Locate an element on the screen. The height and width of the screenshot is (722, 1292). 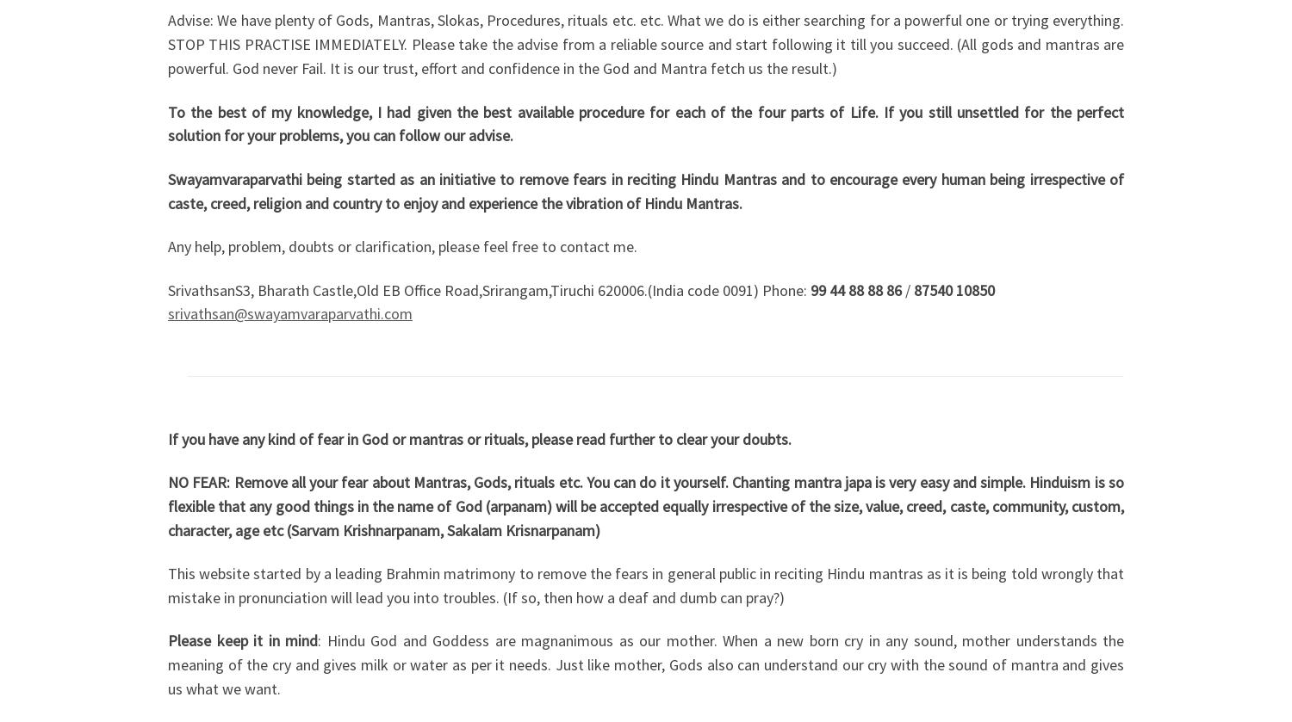
'Any help, problem, doubts or clarification, please feel free to contact me.' is located at coordinates (401, 246).